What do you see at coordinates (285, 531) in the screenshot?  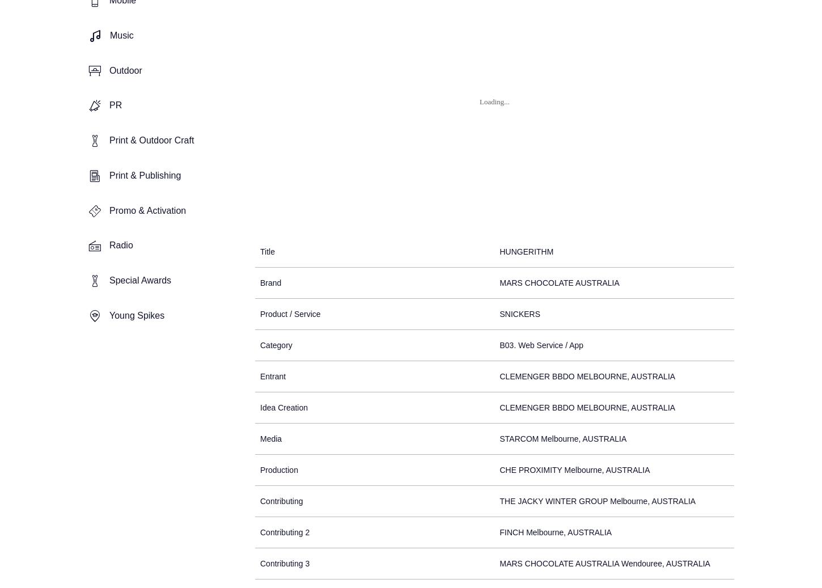 I see `'Contributing 2'` at bounding box center [285, 531].